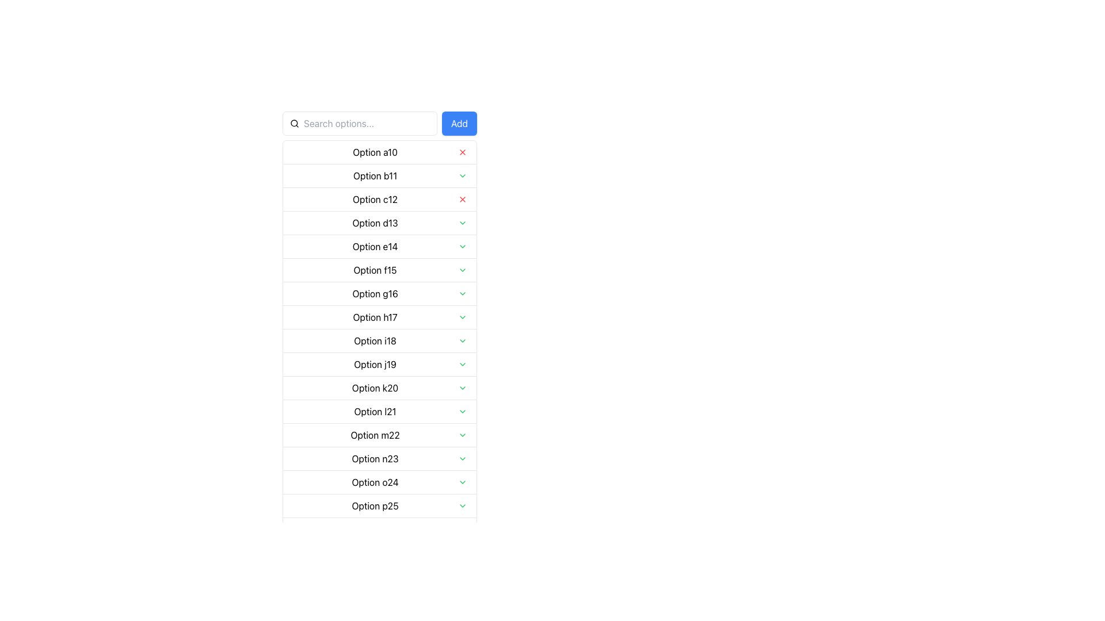 The image size is (1105, 621). I want to click on the list item displaying 'Option m22', so click(375, 435).